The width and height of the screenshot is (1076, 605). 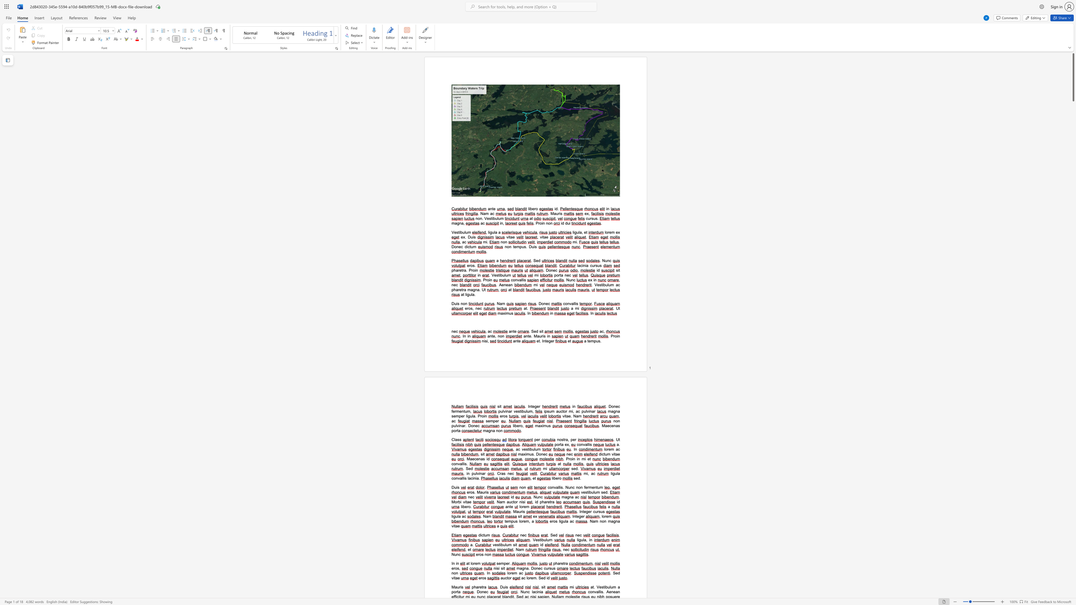 What do you see at coordinates (508, 572) in the screenshot?
I see `the space between the continuous character "l" and "o" in the text` at bounding box center [508, 572].